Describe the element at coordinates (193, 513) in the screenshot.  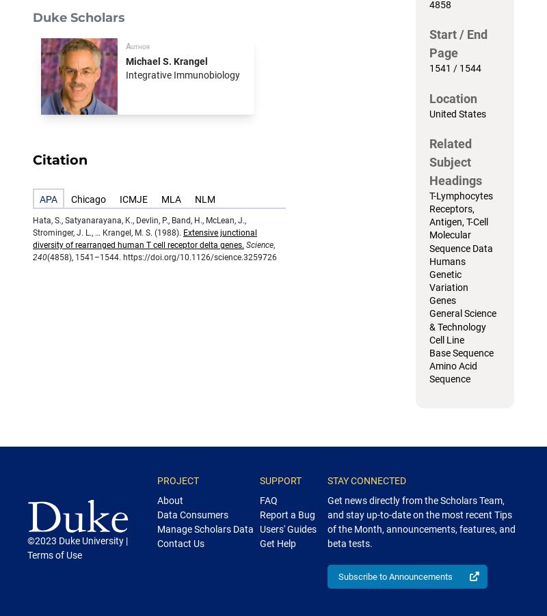
I see `'Data Consumers'` at that location.